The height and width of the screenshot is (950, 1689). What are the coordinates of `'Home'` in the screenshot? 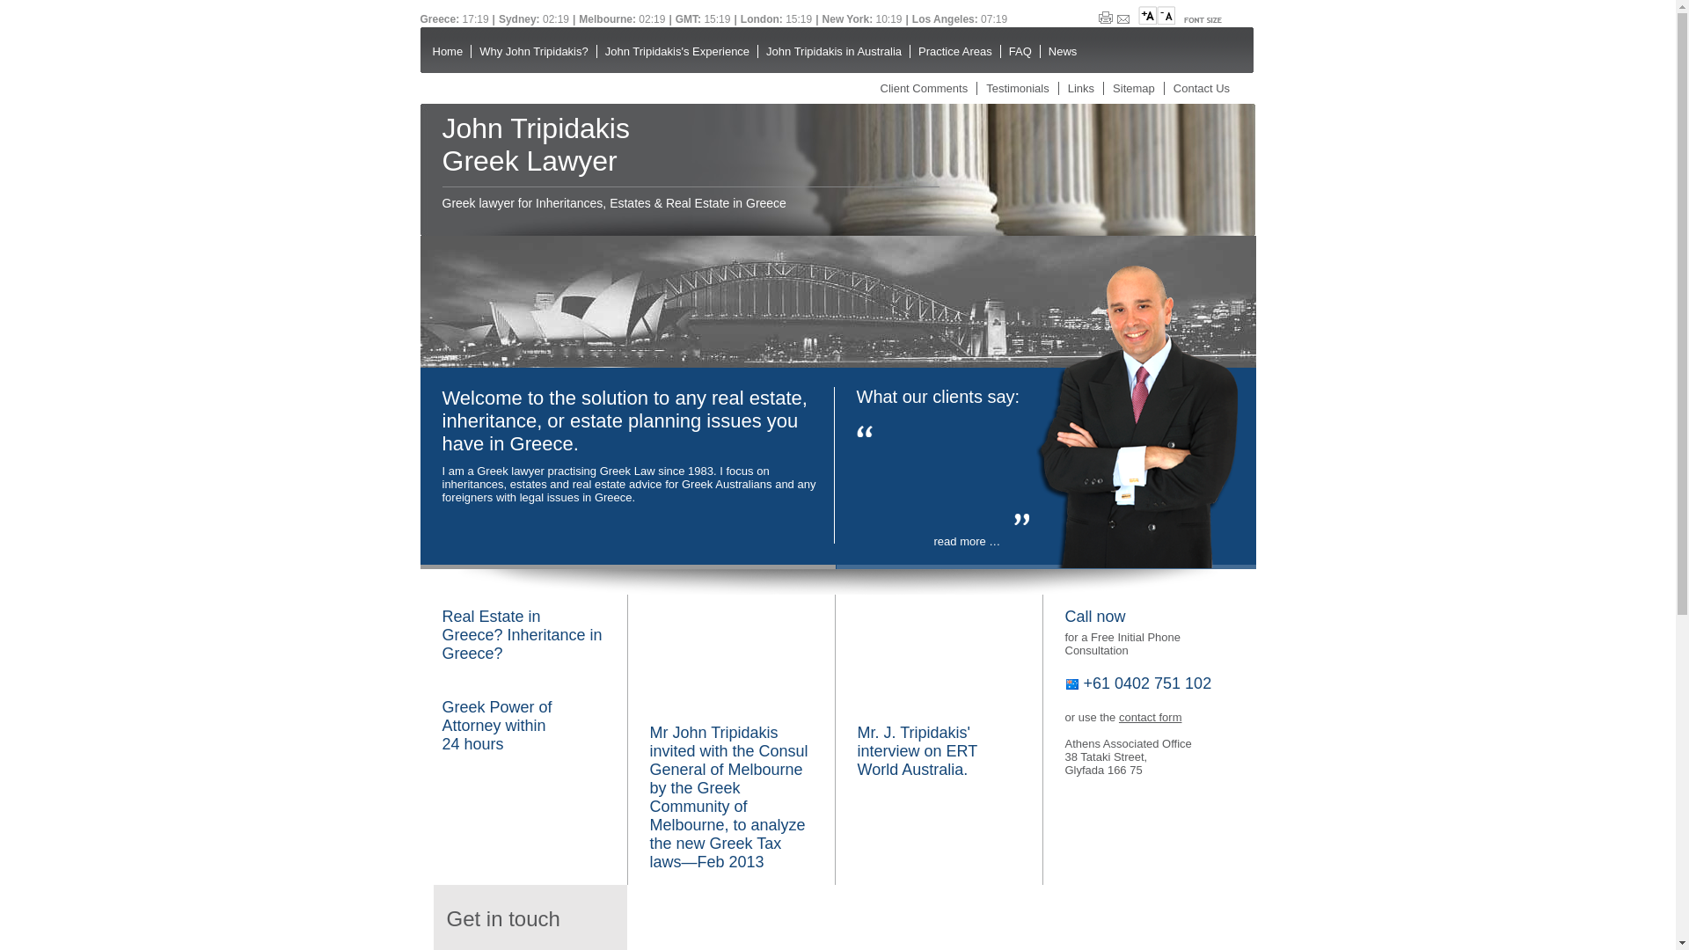 It's located at (423, 50).